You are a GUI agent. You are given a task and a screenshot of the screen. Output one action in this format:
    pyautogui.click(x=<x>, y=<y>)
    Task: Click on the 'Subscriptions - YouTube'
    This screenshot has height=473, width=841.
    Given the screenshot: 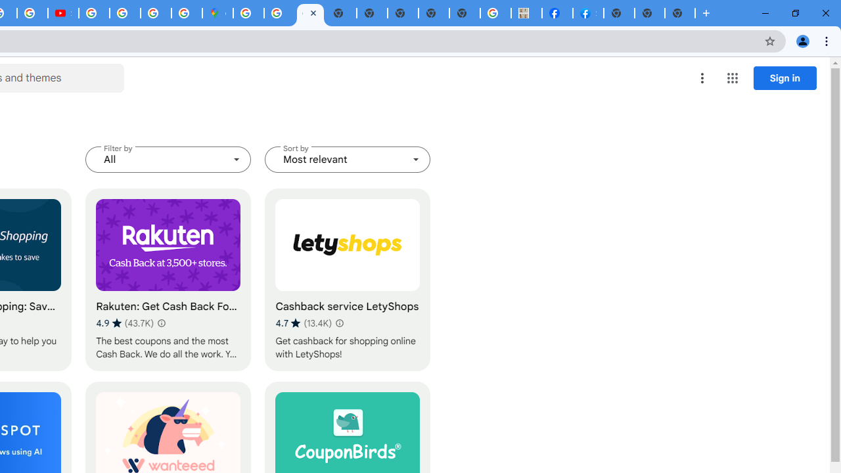 What is the action you would take?
    pyautogui.click(x=62, y=13)
    